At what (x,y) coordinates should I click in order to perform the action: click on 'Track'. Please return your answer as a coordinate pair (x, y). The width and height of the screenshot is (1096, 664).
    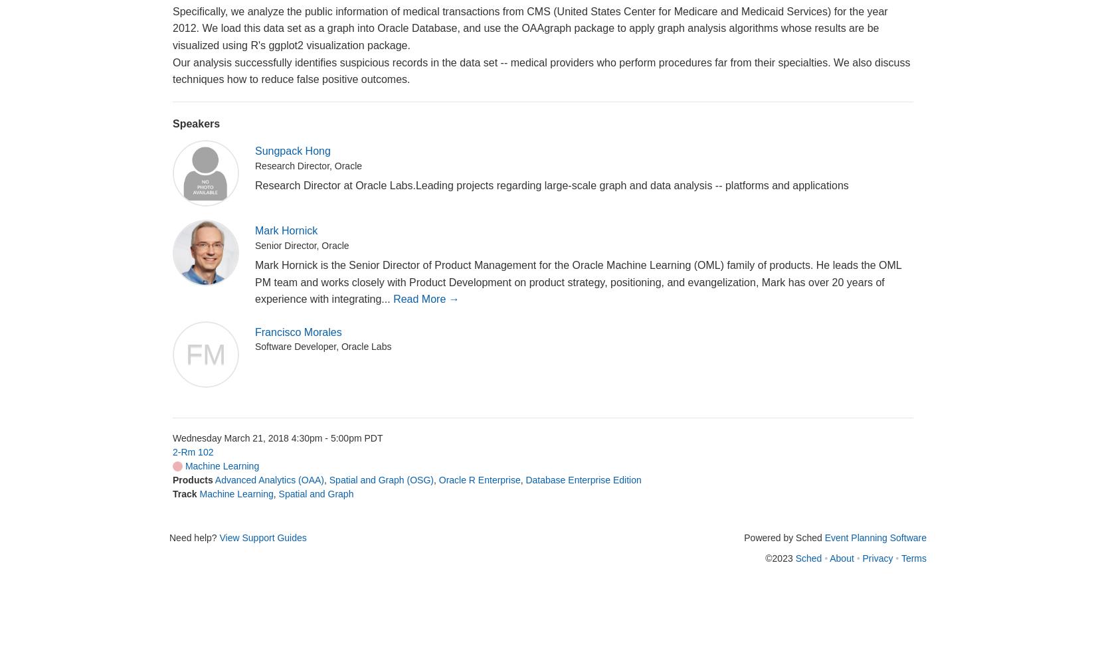
    Looking at the image, I should click on (185, 493).